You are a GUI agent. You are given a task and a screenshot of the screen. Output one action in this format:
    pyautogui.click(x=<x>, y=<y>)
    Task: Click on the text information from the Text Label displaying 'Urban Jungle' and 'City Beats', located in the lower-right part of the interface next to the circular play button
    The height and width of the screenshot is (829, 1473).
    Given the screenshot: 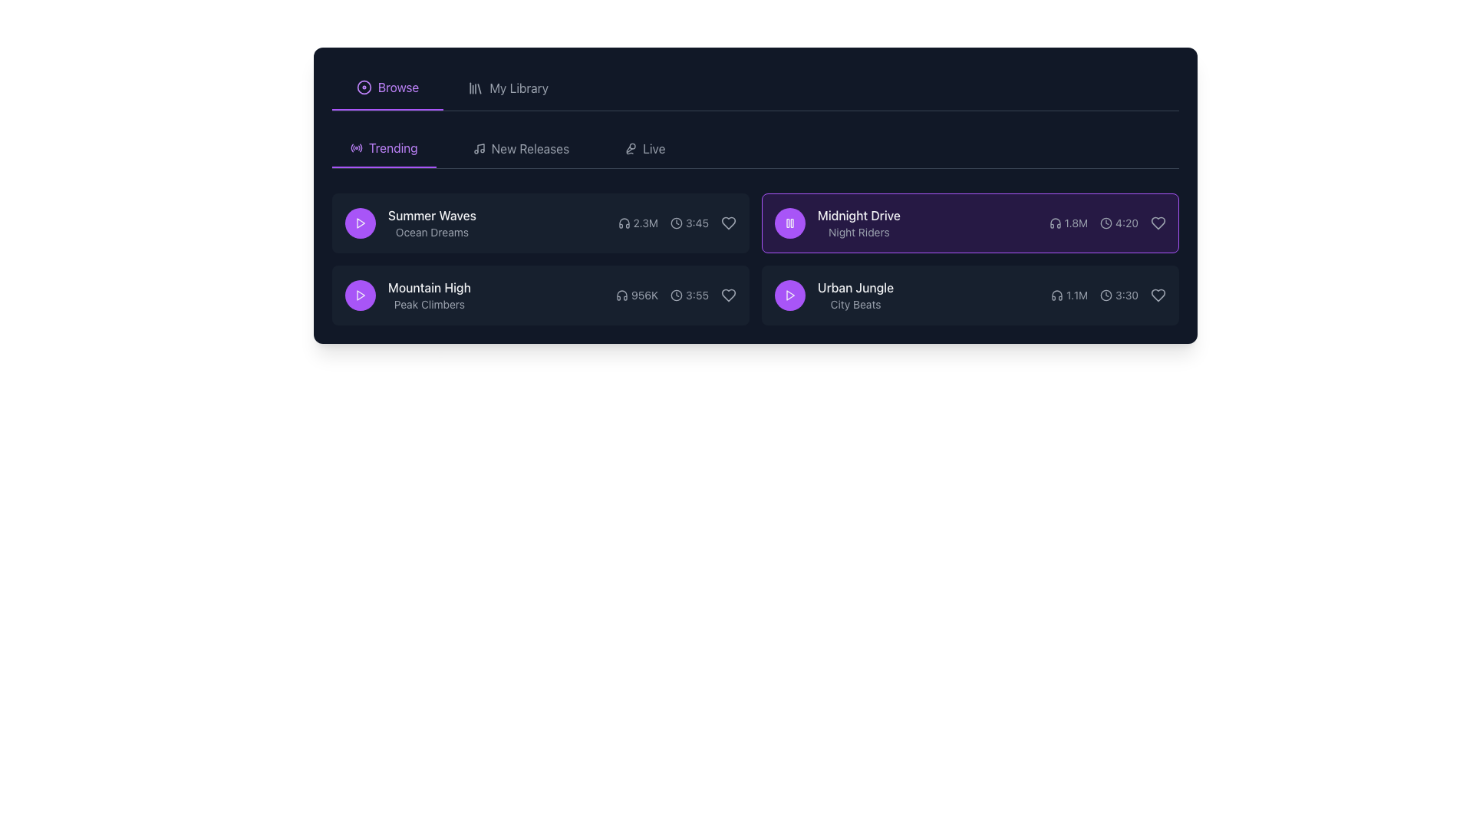 What is the action you would take?
    pyautogui.click(x=855, y=296)
    